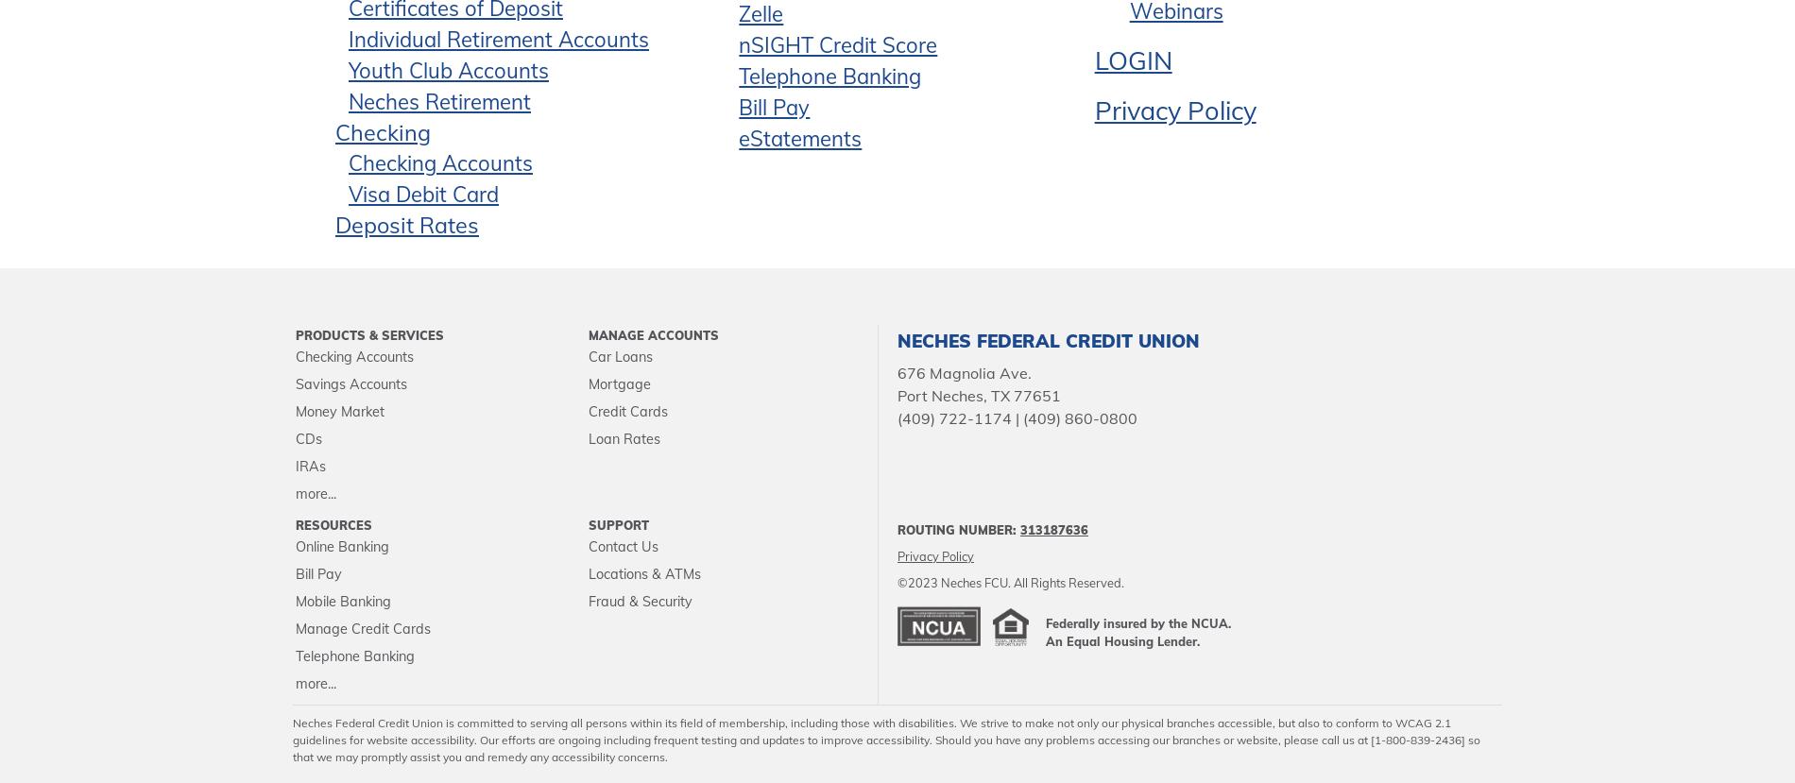  I want to click on 'IRAs', so click(310, 466).